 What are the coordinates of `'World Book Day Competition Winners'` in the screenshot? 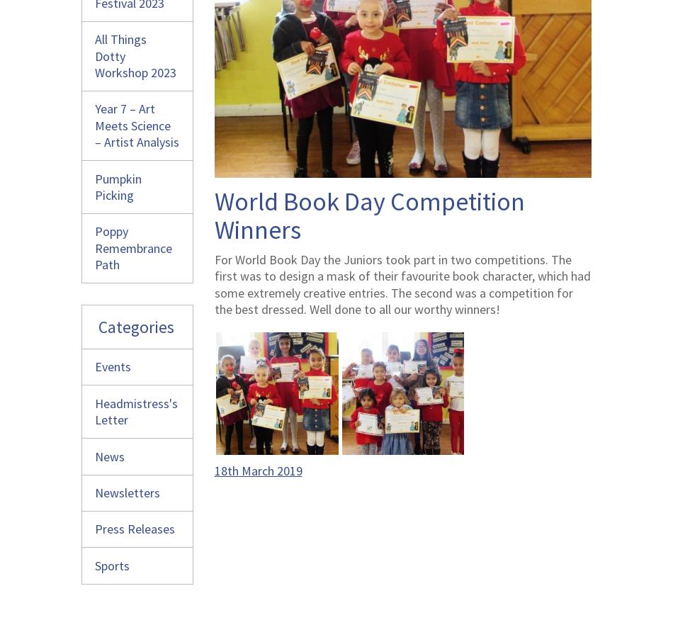 It's located at (368, 214).